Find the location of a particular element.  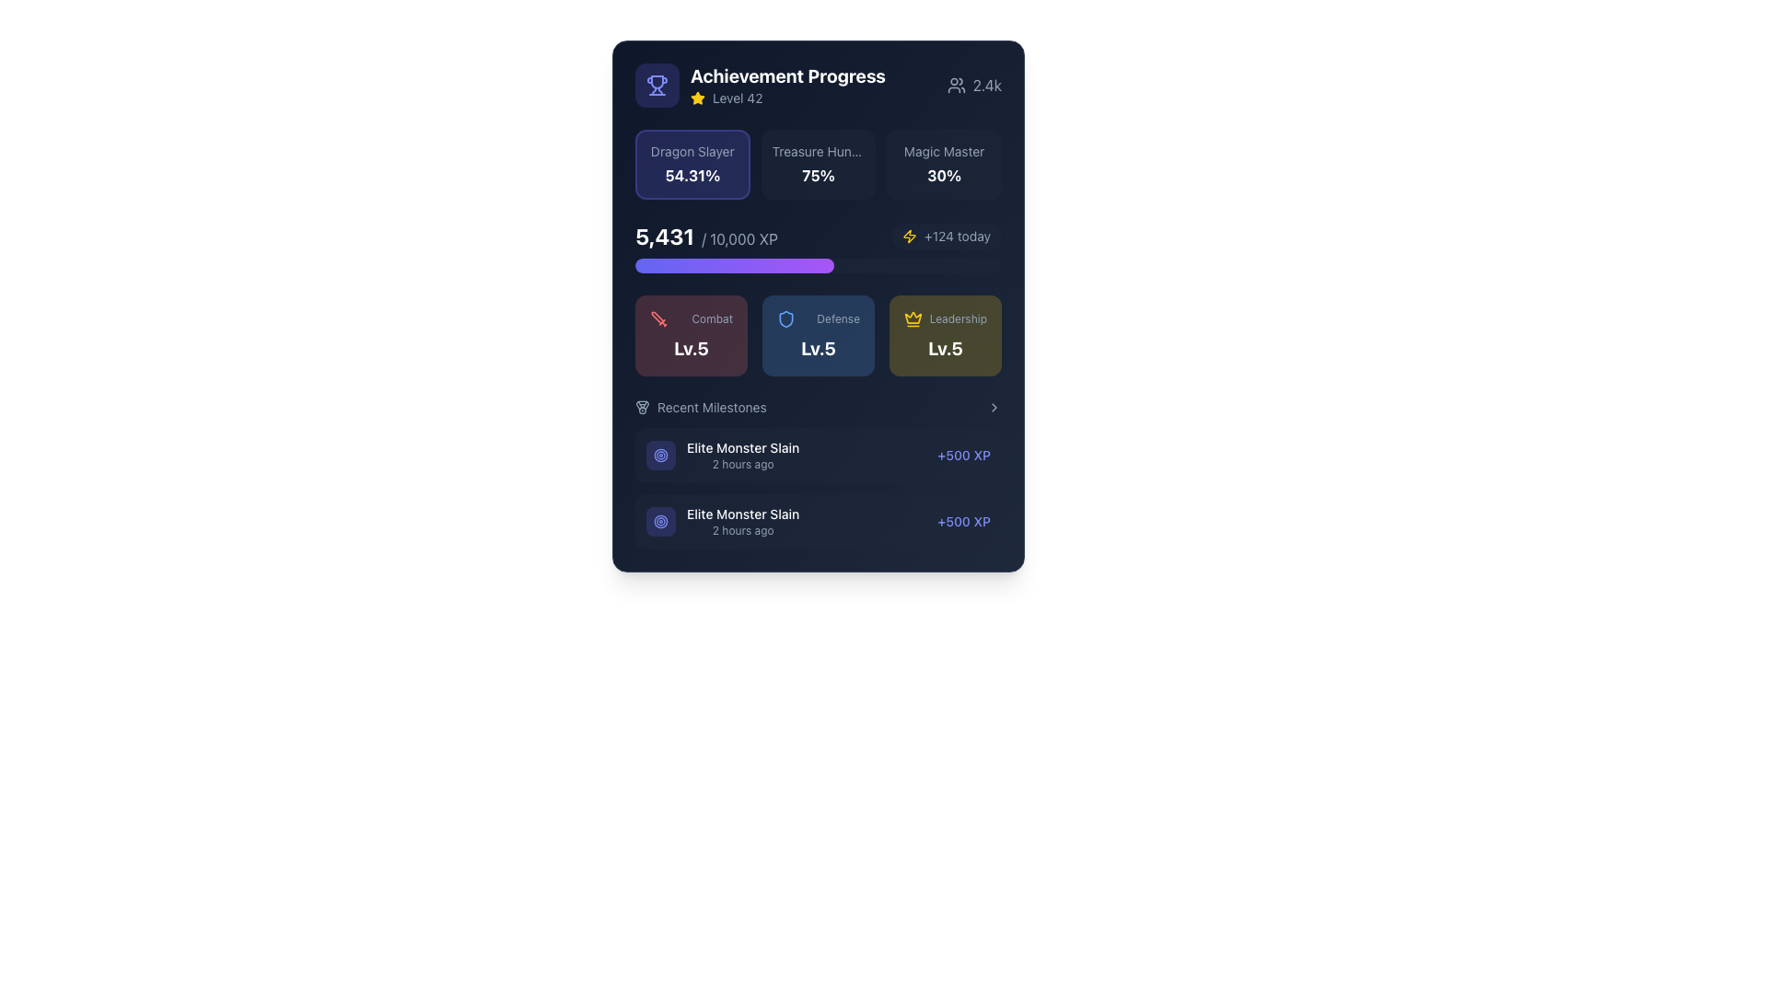

the text label displaying the timestamp for 'Elite Monster Slain' within the 'Recent Milestones' section is located at coordinates (743, 464).